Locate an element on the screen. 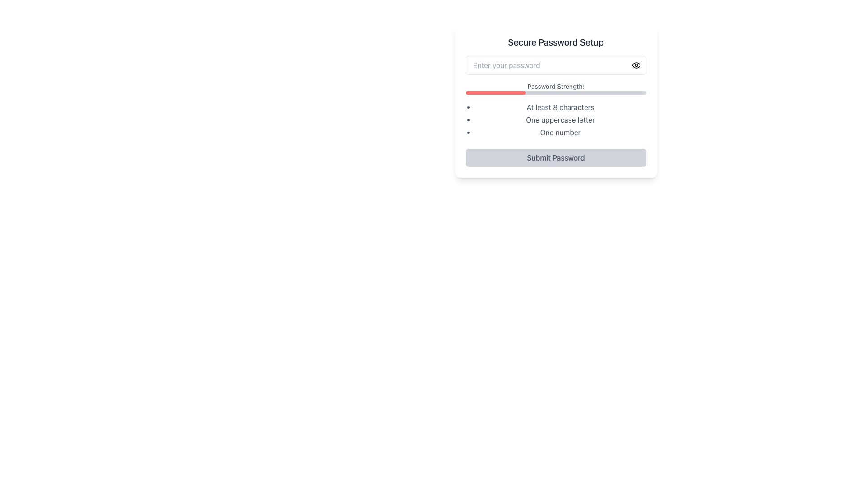  the bulleted list of password strength requirements, which includes items like 'At least 8 characters', 'One uppercase letter', and 'One number', located below the 'Password Strength' label is located at coordinates (560, 119).